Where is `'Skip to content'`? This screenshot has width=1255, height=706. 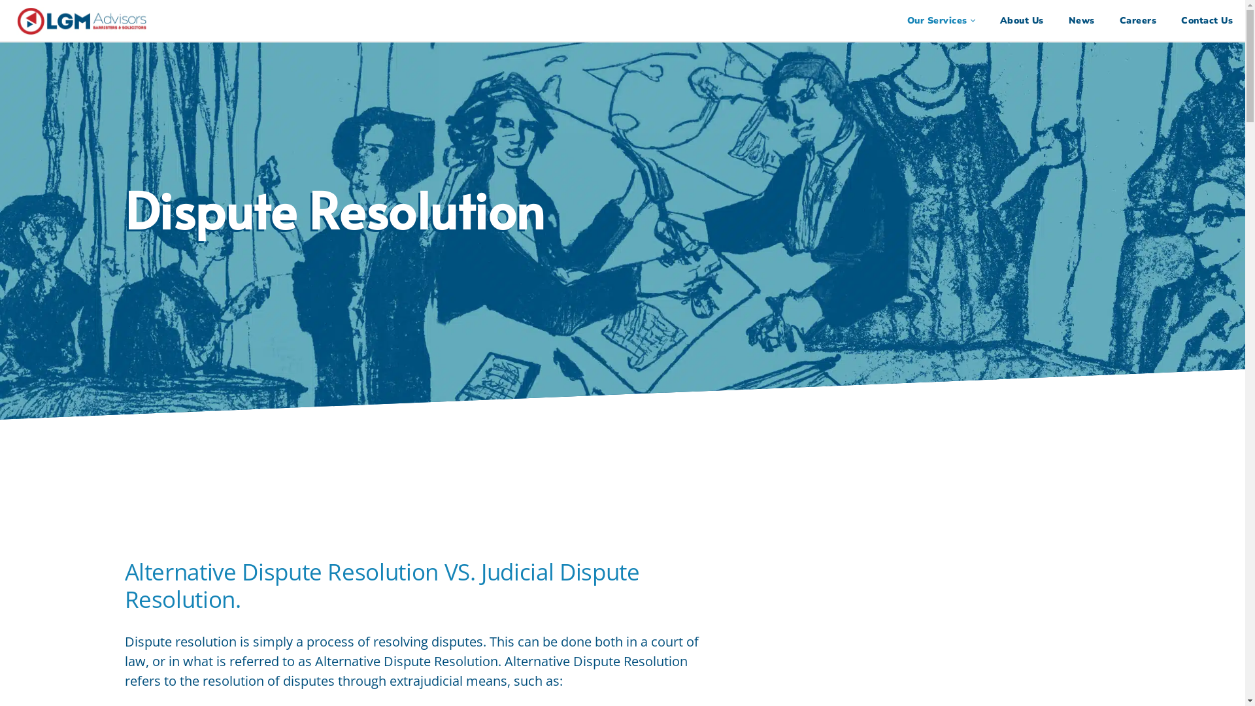 'Skip to content' is located at coordinates (0, 27).